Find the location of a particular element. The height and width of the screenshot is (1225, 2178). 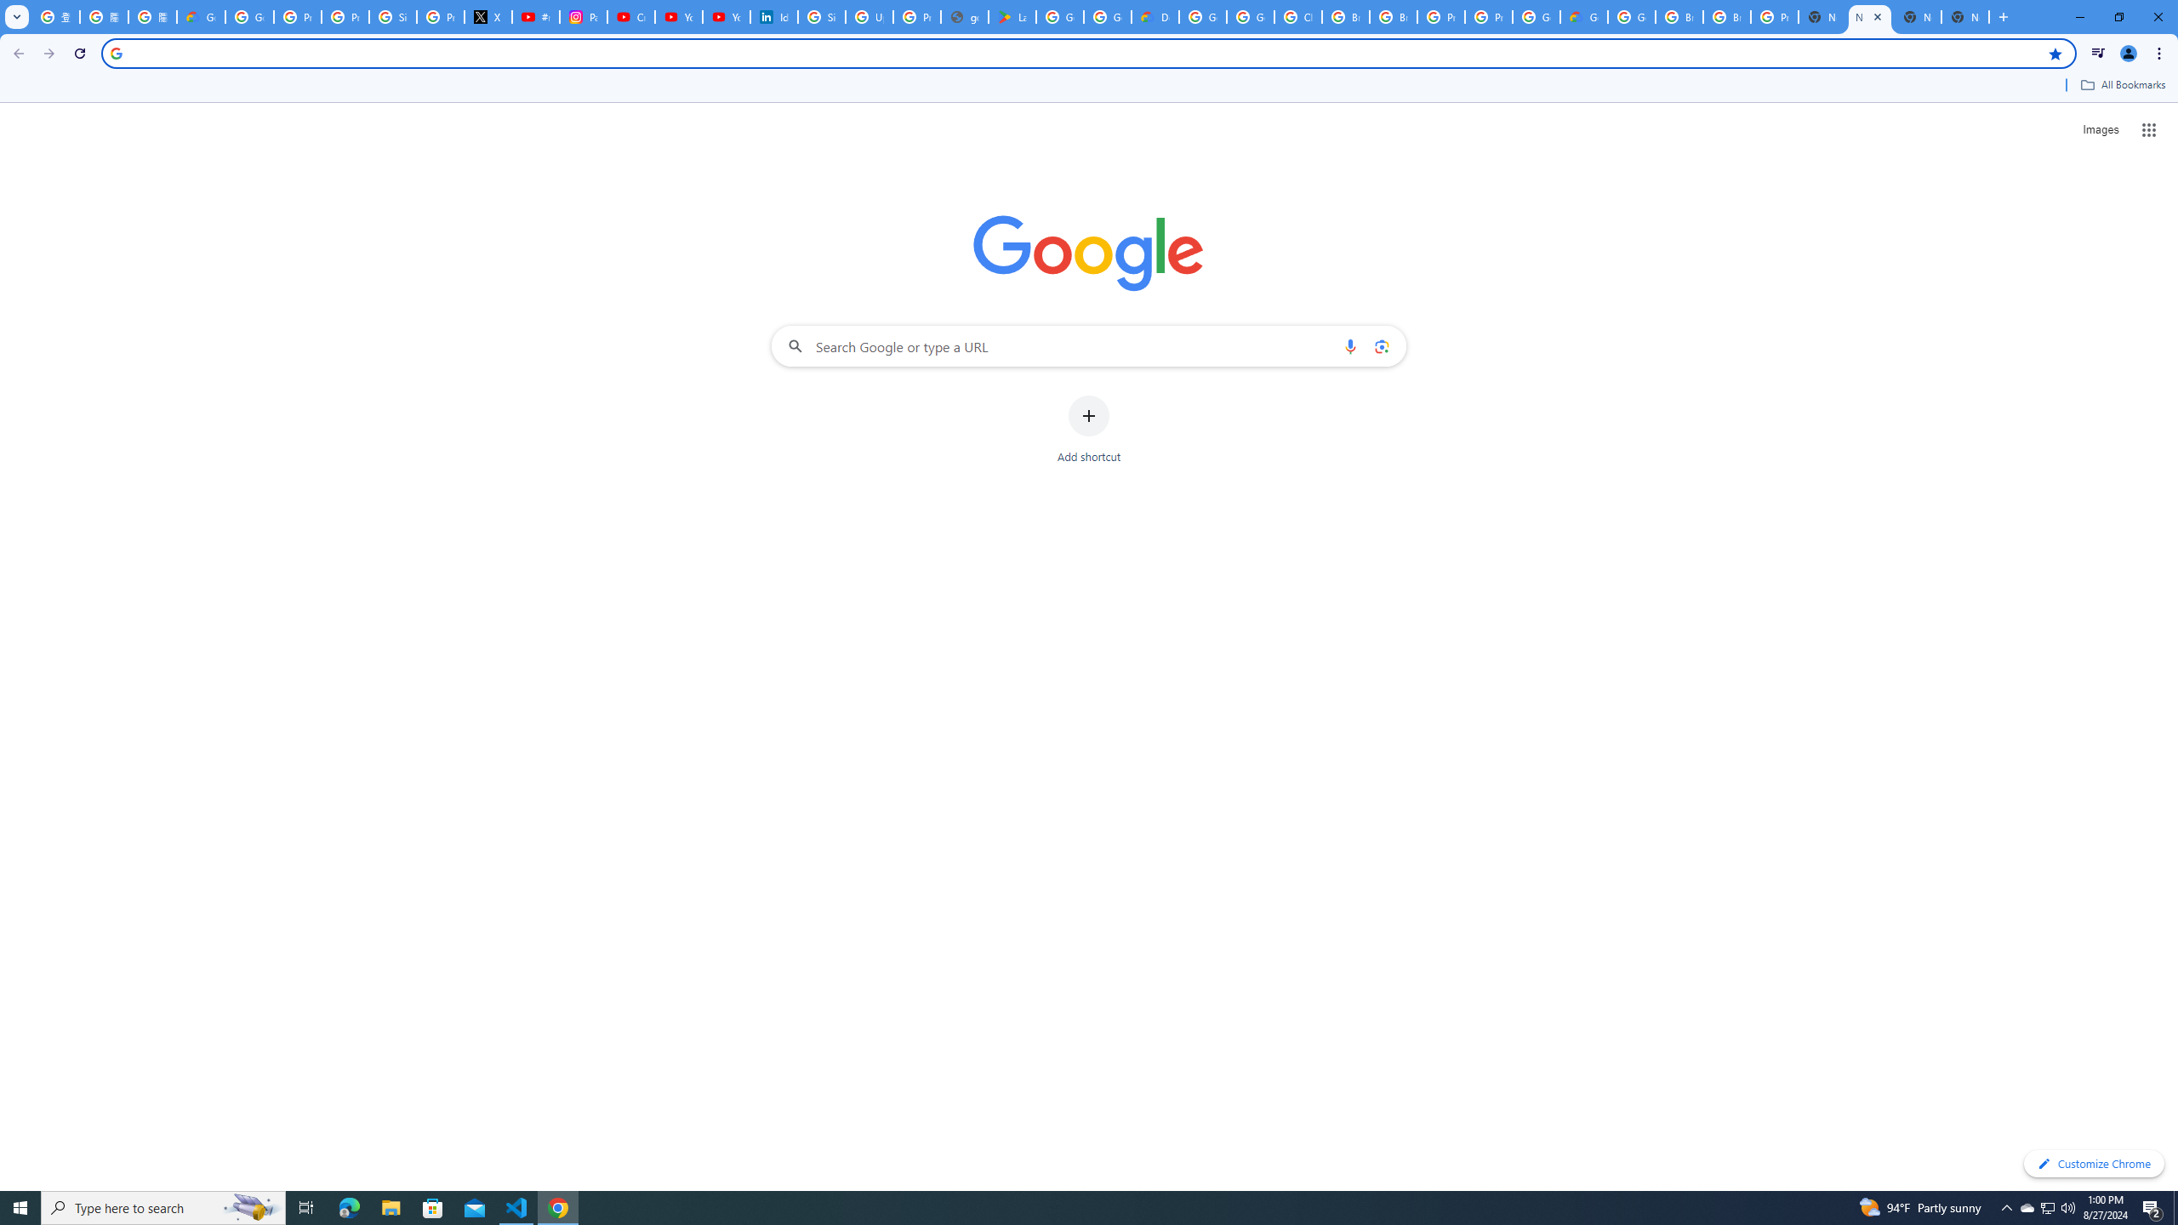

'New Tab' is located at coordinates (1965, 16).